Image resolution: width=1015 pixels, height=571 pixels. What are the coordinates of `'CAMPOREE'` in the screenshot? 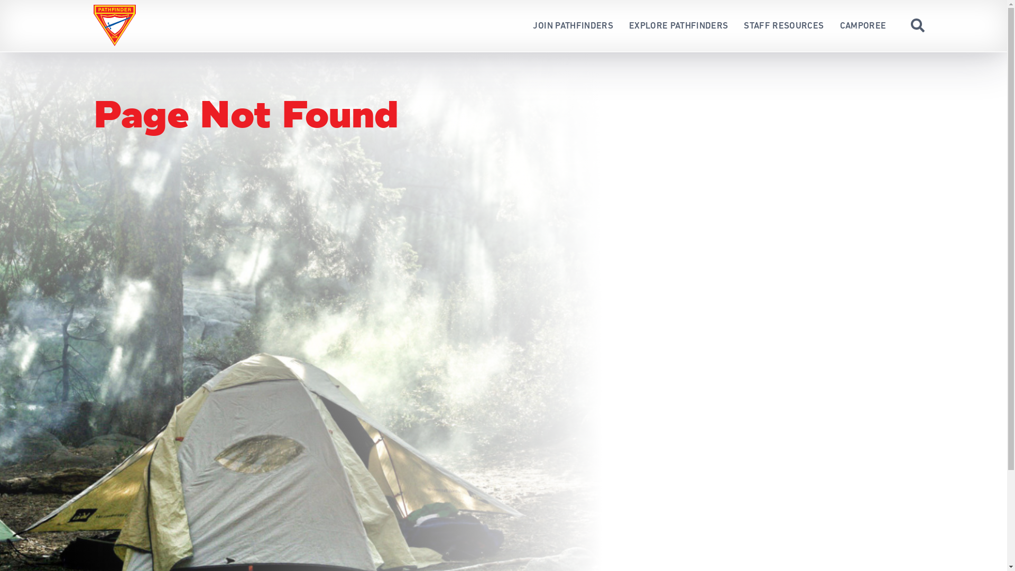 It's located at (863, 25).